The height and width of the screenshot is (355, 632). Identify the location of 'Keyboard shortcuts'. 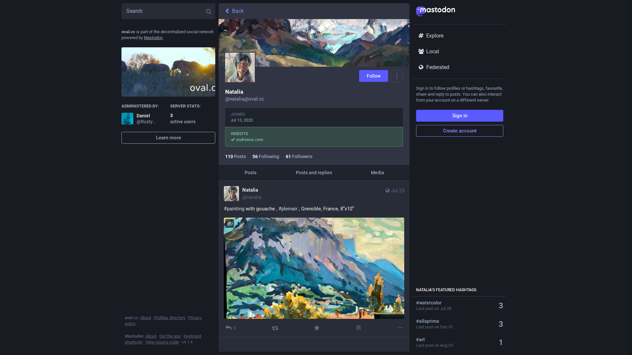
(125, 339).